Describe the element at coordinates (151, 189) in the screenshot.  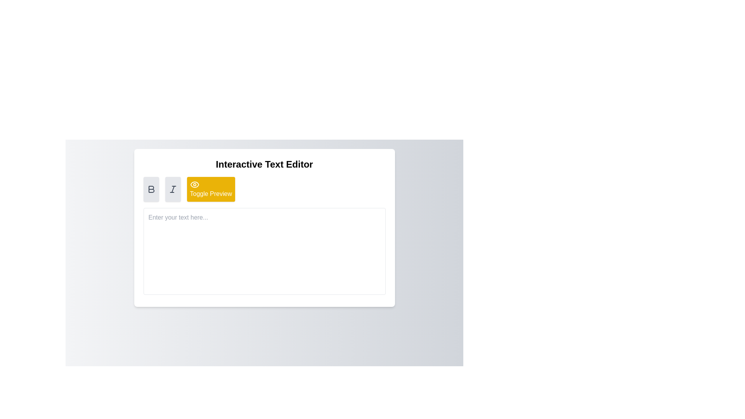
I see `the bold icon represented by a capitalized 'B'` at that location.